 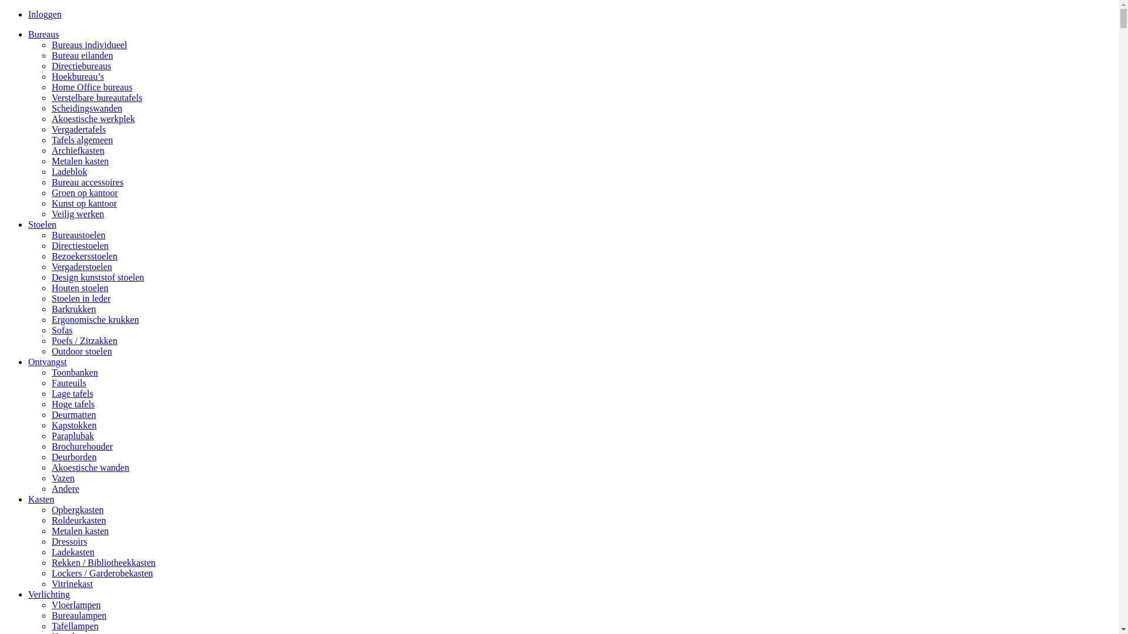 I want to click on 'Opbergkasten', so click(x=77, y=509).